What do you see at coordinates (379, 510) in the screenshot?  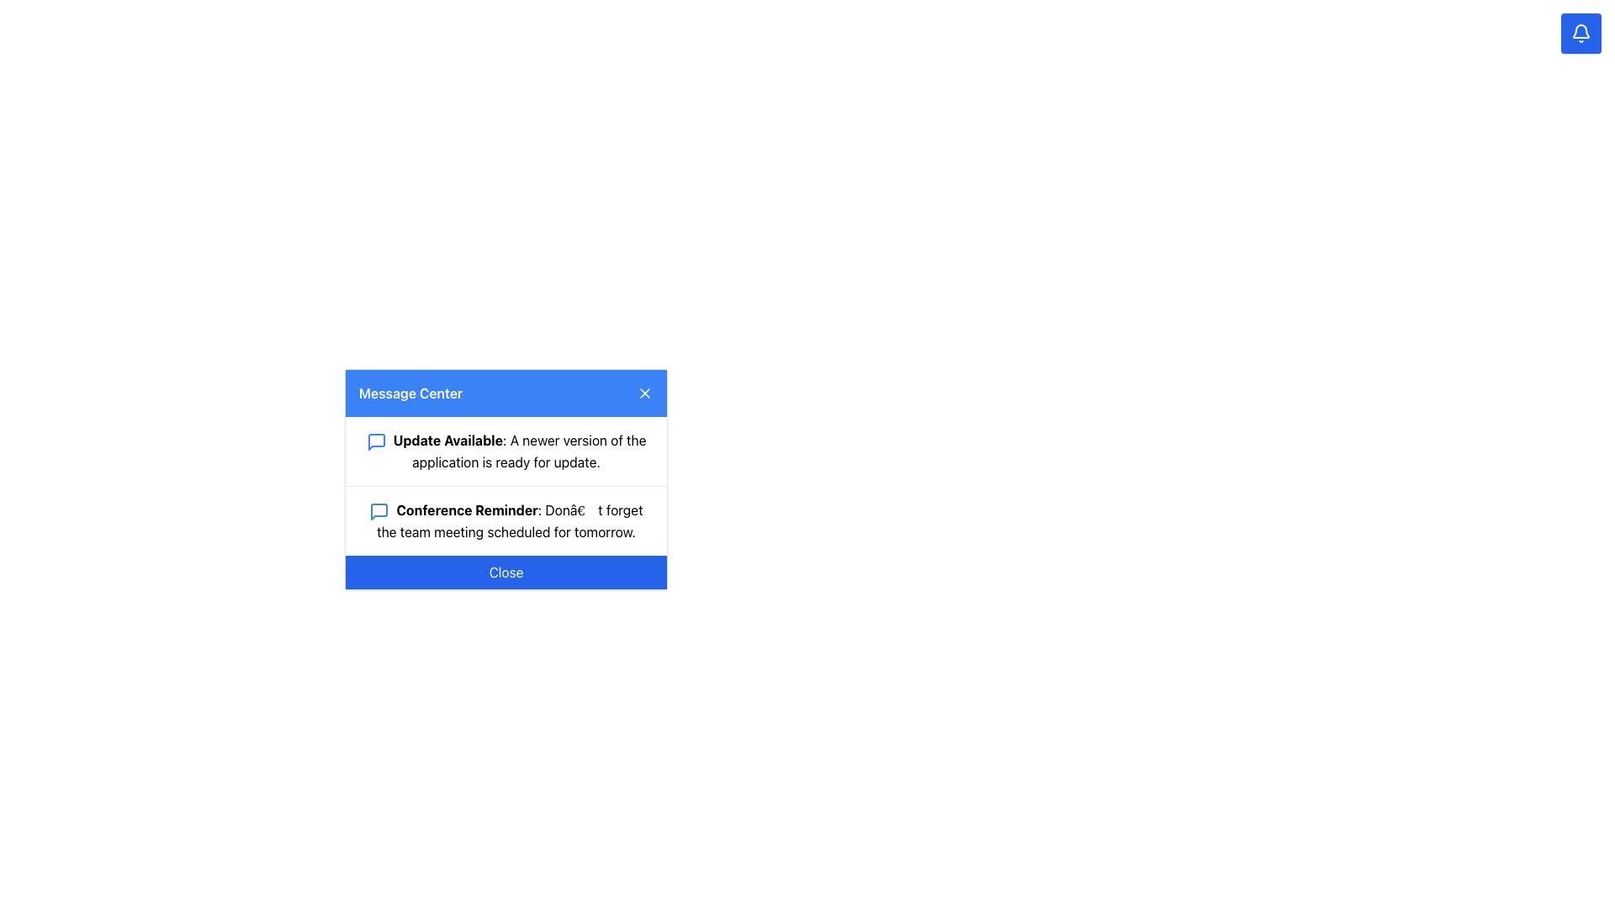 I see `the blue rectangular chat bubble icon with rounded corners and a speech tail, located next to 'Conference Reminder' in the Message Center panel` at bounding box center [379, 510].